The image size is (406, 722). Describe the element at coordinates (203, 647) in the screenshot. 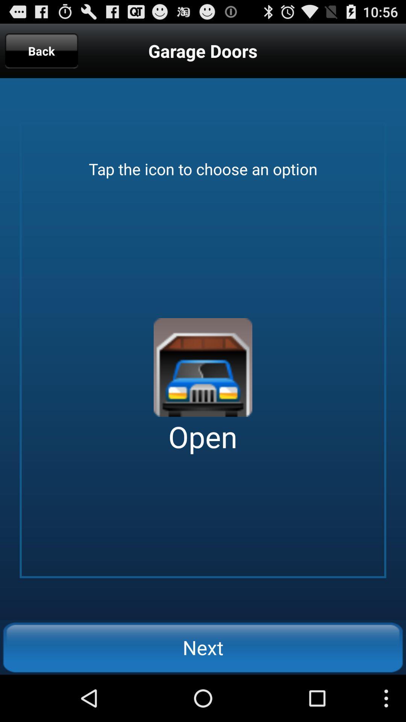

I see `the icon below the open app` at that location.